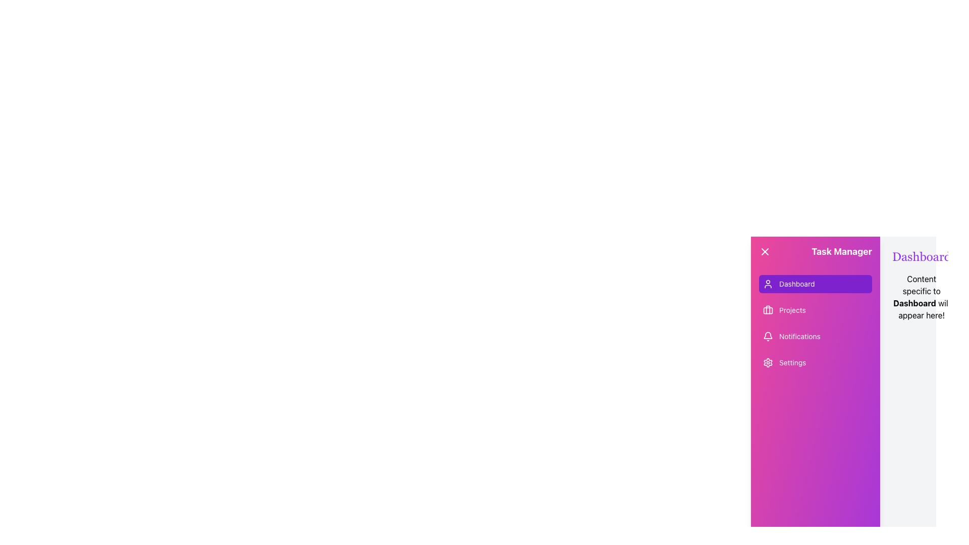  Describe the element at coordinates (816, 251) in the screenshot. I see `the 'Task Manager' text label located at the top of the sidebar, to the right of the close icon` at that location.